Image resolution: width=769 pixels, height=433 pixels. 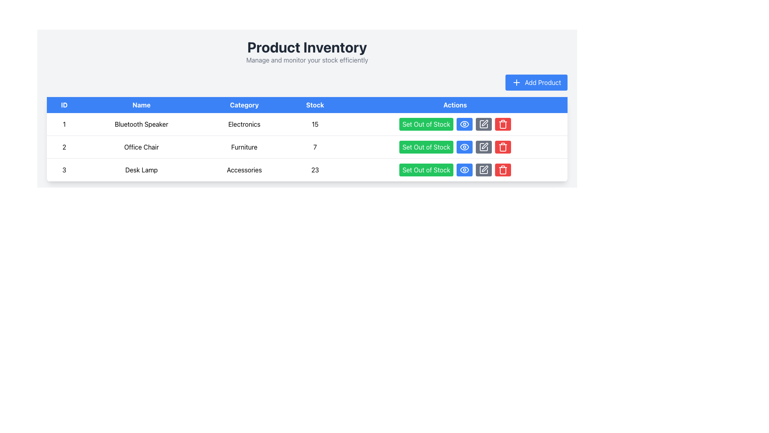 What do you see at coordinates (314, 124) in the screenshot?
I see `the stock quantity display for the Bluetooth Speaker located in the first row of the table under the 'Stock' column` at bounding box center [314, 124].